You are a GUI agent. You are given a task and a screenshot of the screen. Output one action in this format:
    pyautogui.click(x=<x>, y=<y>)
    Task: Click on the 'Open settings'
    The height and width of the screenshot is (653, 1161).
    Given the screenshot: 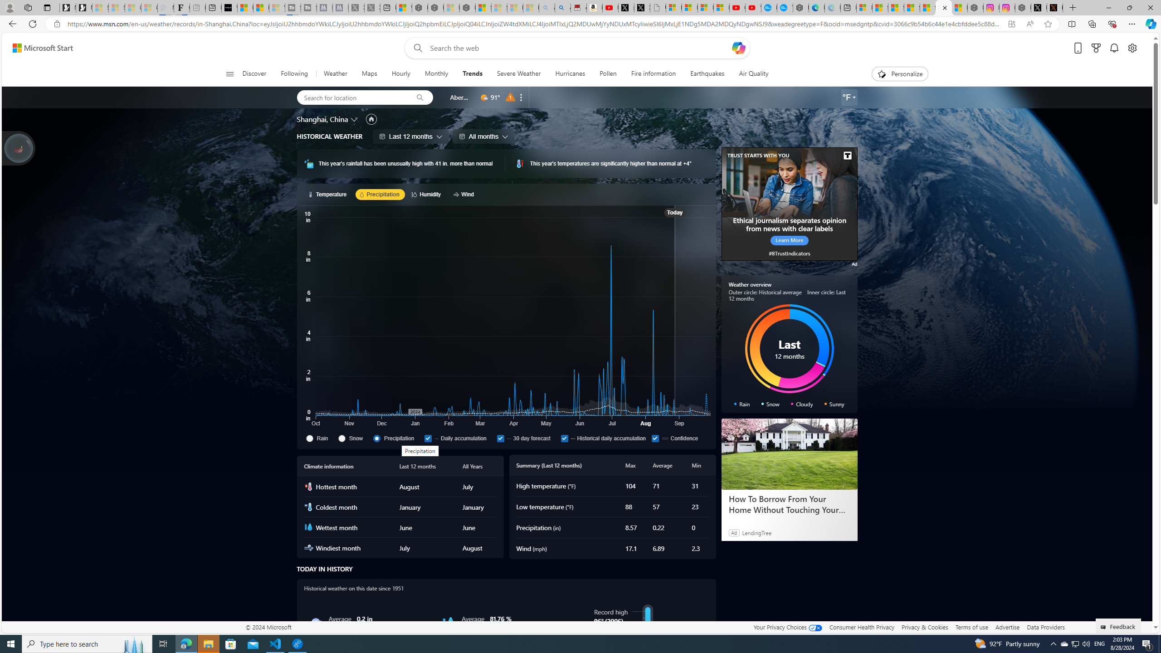 What is the action you would take?
    pyautogui.click(x=1132, y=48)
    